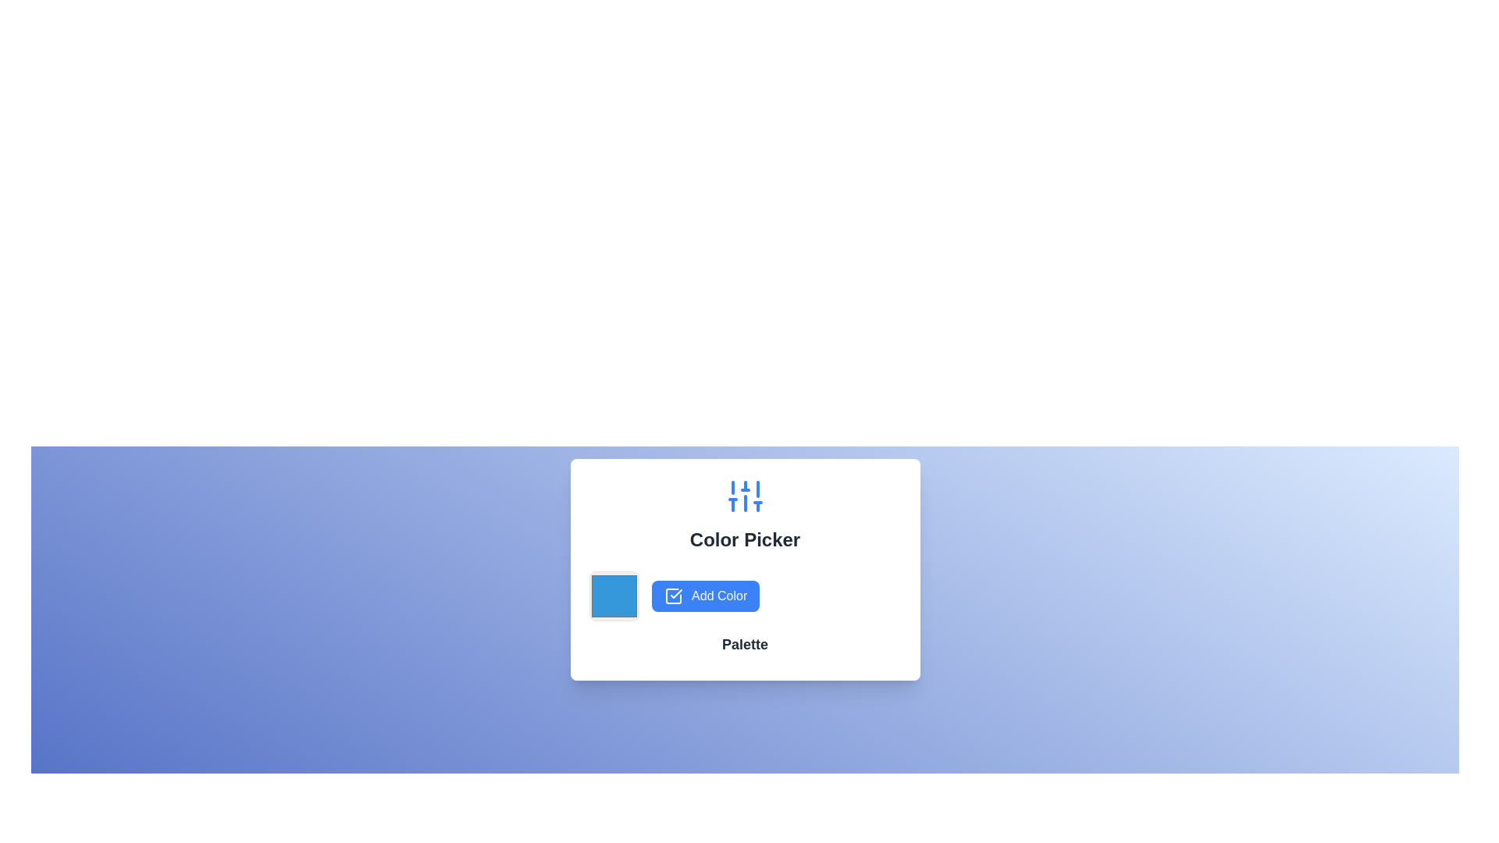  What do you see at coordinates (744, 596) in the screenshot?
I see `the color selection button located below the 'Color Picker' title and above the 'Palette' text` at bounding box center [744, 596].